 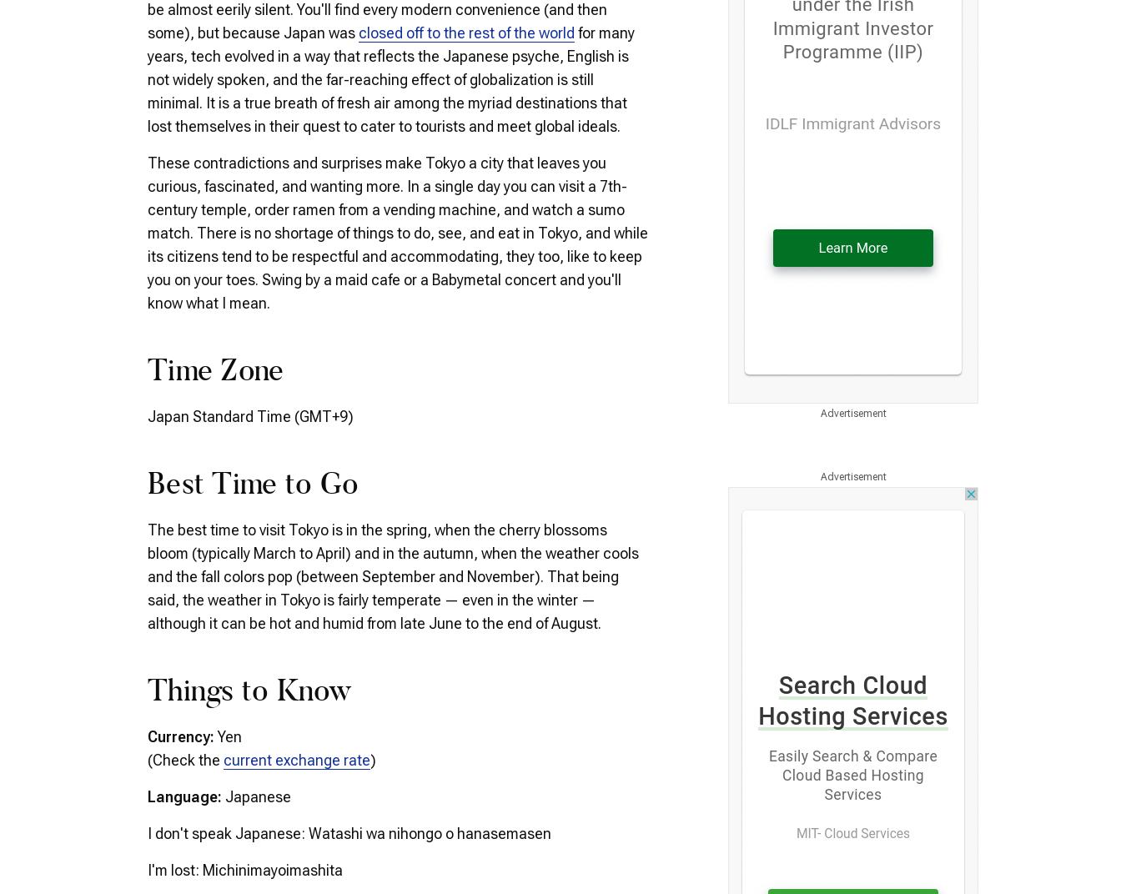 I want to click on 'Best Time to Go', so click(x=252, y=485).